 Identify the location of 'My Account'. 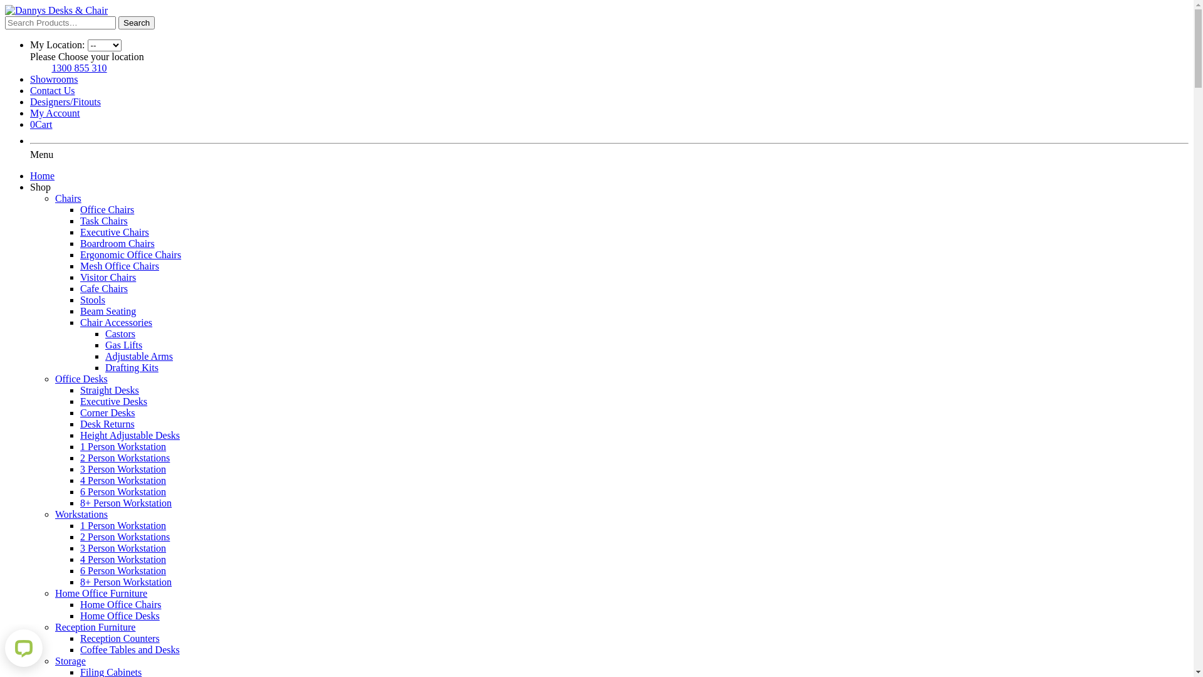
(30, 113).